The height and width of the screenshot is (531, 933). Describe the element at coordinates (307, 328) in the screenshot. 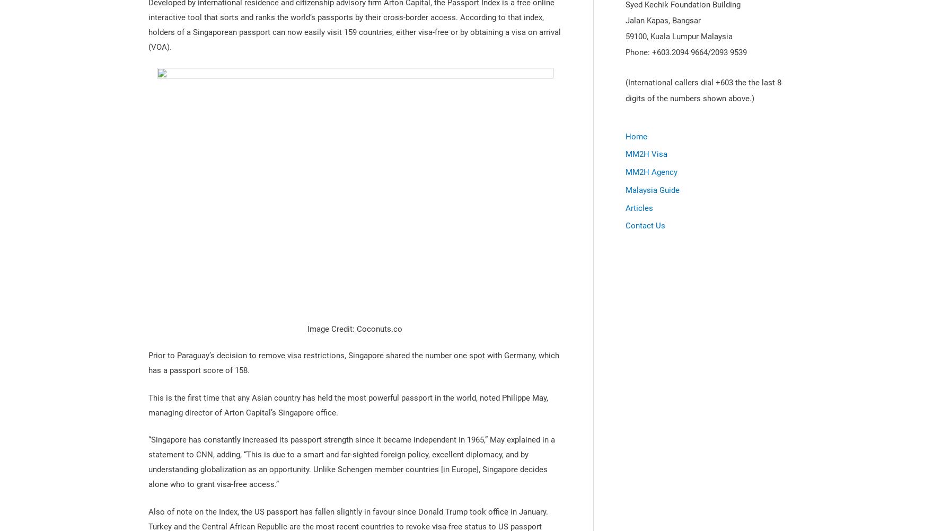

I see `'Image Credit: Coconuts.co'` at that location.